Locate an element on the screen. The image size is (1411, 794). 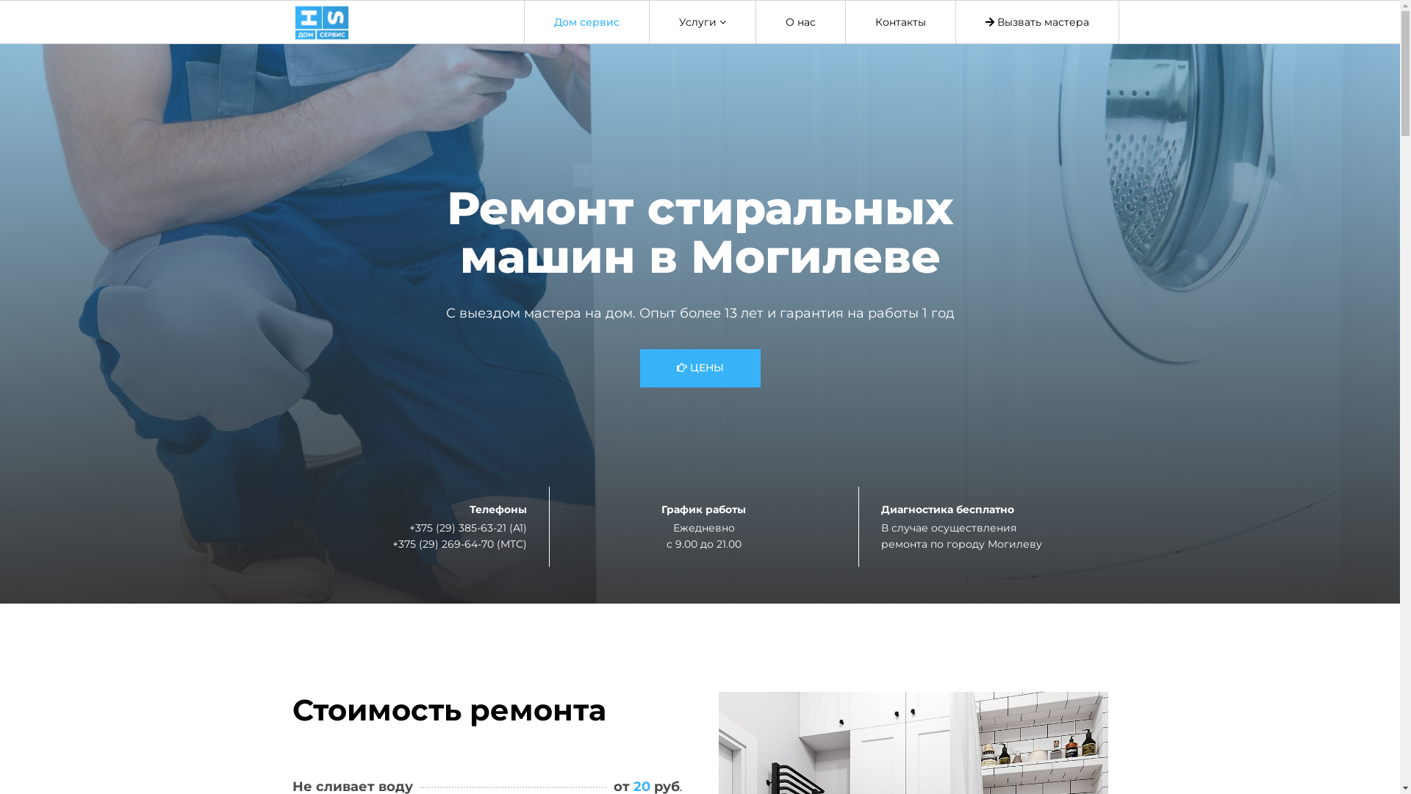
'+375 (29) 385-63-21 (A1)' is located at coordinates (467, 526).